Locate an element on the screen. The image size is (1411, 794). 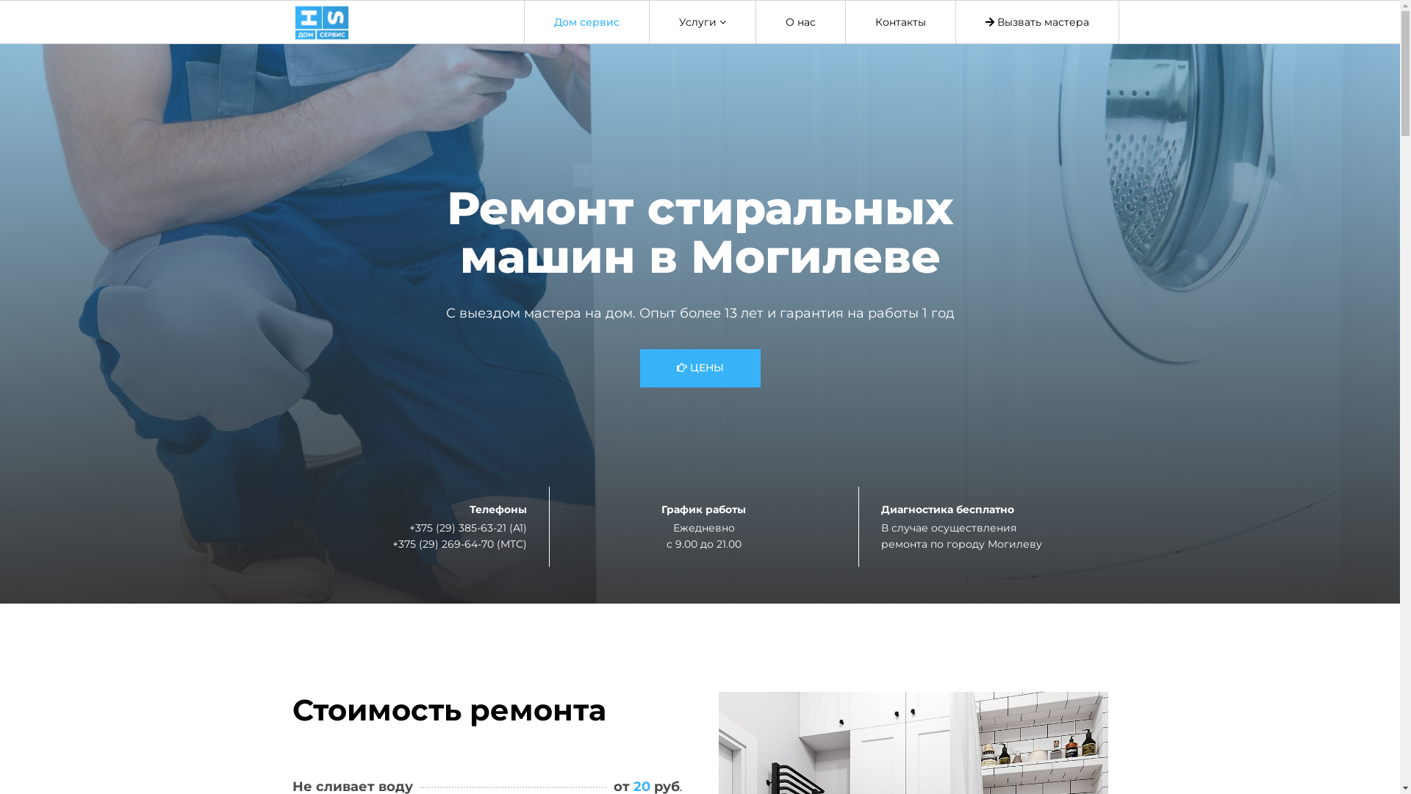
'+375 (29) 385-63-21 (A1)' is located at coordinates (467, 526).